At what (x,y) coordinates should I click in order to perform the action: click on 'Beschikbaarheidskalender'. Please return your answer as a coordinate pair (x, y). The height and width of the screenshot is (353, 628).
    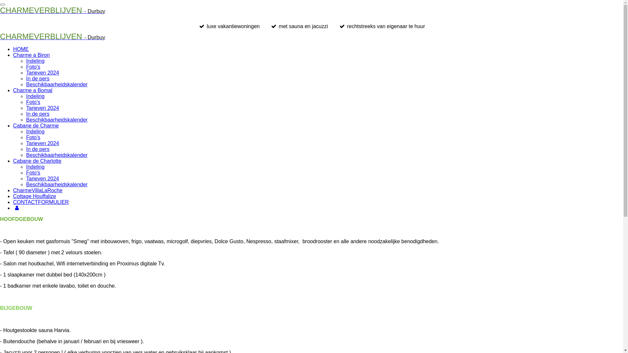
    Looking at the image, I should click on (57, 84).